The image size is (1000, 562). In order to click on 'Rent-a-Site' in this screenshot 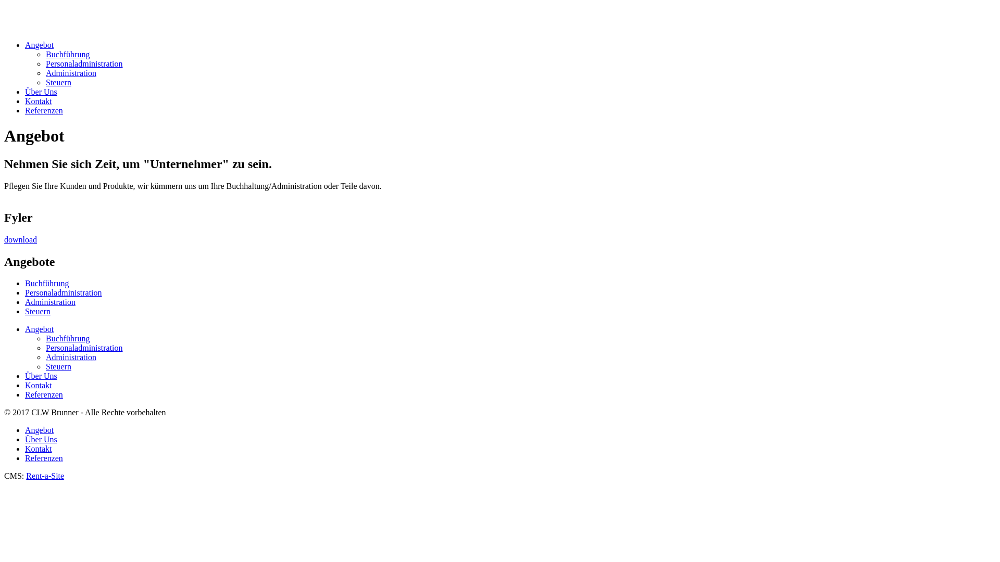, I will do `click(44, 476)`.